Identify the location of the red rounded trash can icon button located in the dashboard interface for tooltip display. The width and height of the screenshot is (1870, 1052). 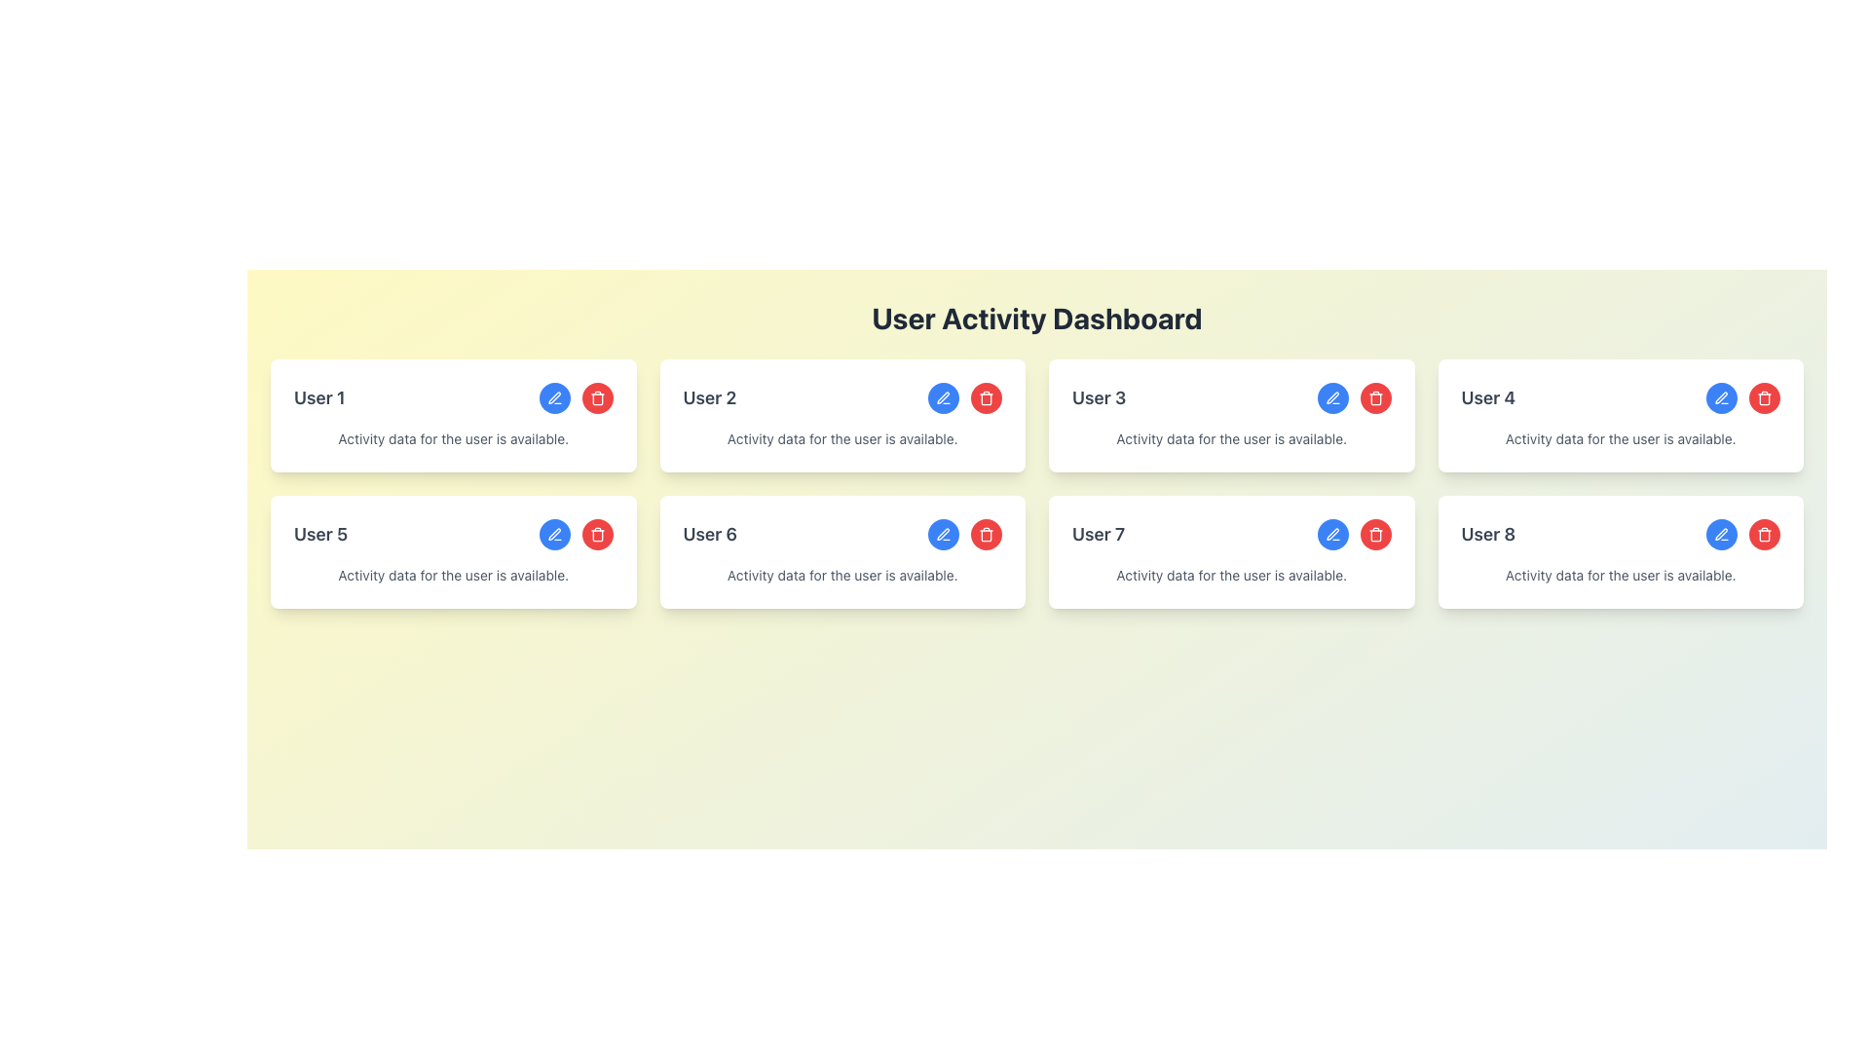
(986, 536).